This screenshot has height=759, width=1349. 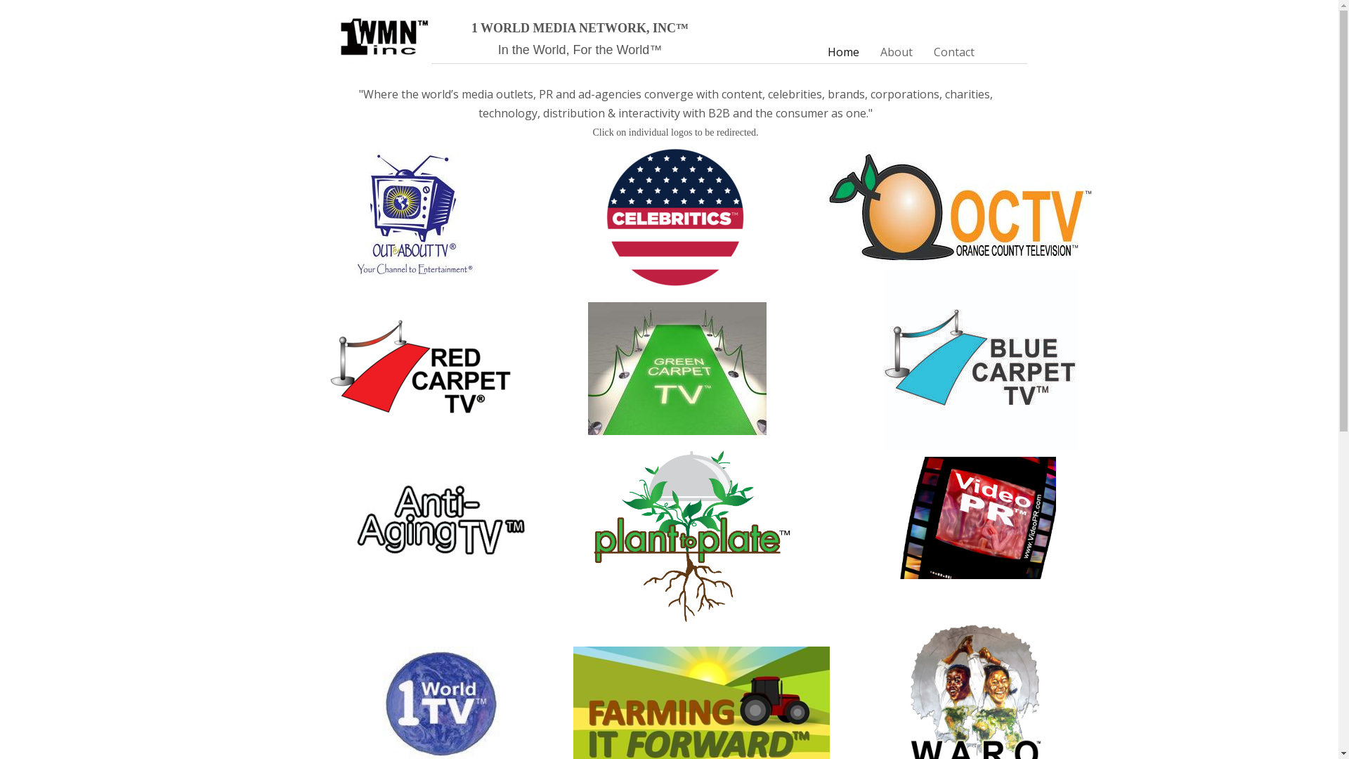 I want to click on 'Contact', so click(x=954, y=51).